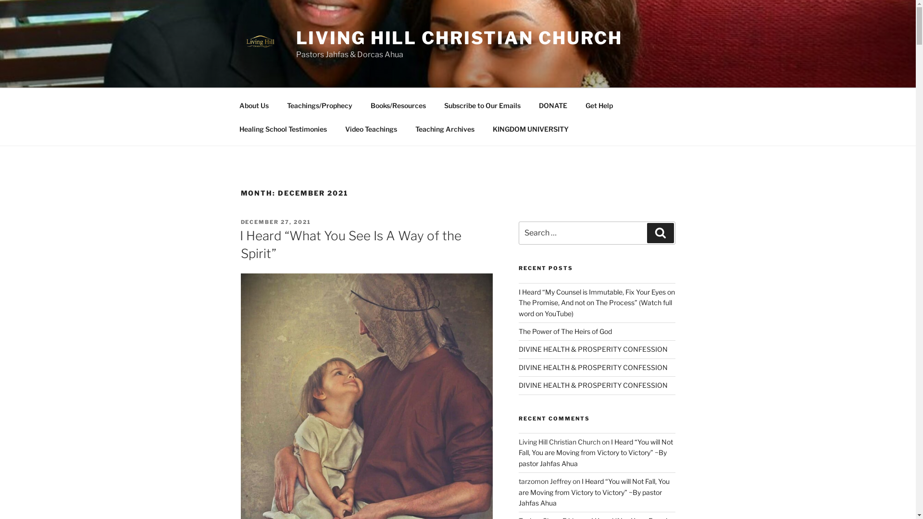 The width and height of the screenshot is (923, 519). What do you see at coordinates (577, 105) in the screenshot?
I see `'Get Help'` at bounding box center [577, 105].